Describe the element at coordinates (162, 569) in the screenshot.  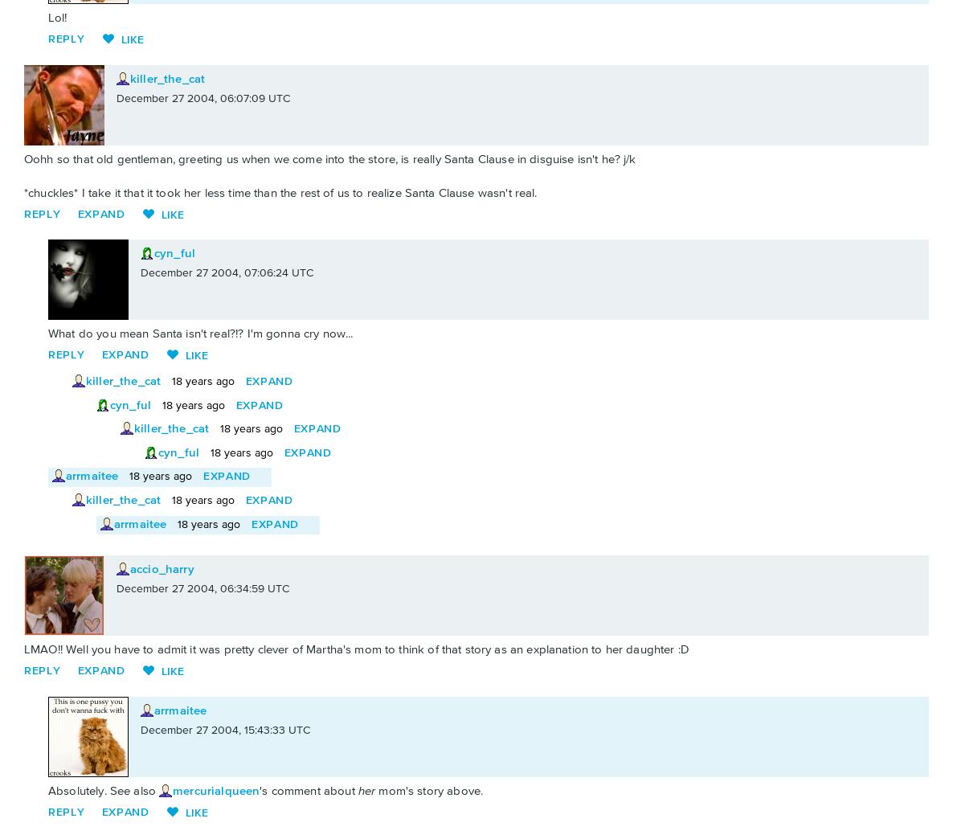
I see `'accio_harry'` at that location.